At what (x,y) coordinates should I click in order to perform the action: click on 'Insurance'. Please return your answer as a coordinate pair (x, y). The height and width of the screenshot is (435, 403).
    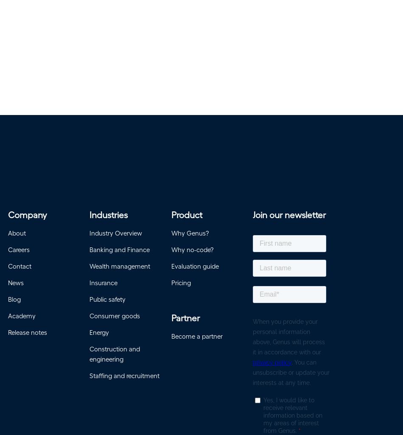
    Looking at the image, I should click on (103, 286).